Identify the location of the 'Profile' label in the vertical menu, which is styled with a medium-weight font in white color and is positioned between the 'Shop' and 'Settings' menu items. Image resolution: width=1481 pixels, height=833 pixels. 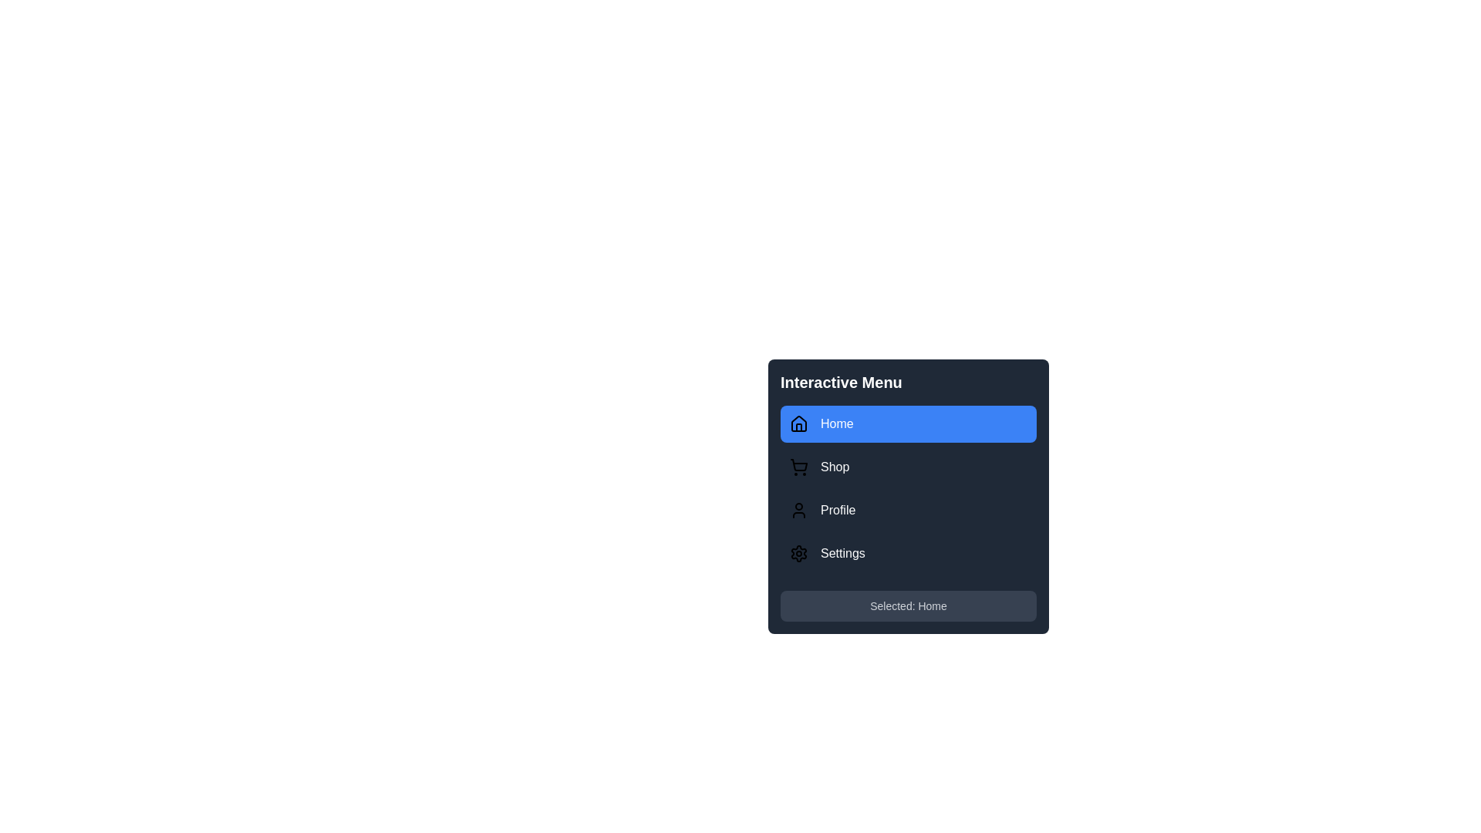
(837, 511).